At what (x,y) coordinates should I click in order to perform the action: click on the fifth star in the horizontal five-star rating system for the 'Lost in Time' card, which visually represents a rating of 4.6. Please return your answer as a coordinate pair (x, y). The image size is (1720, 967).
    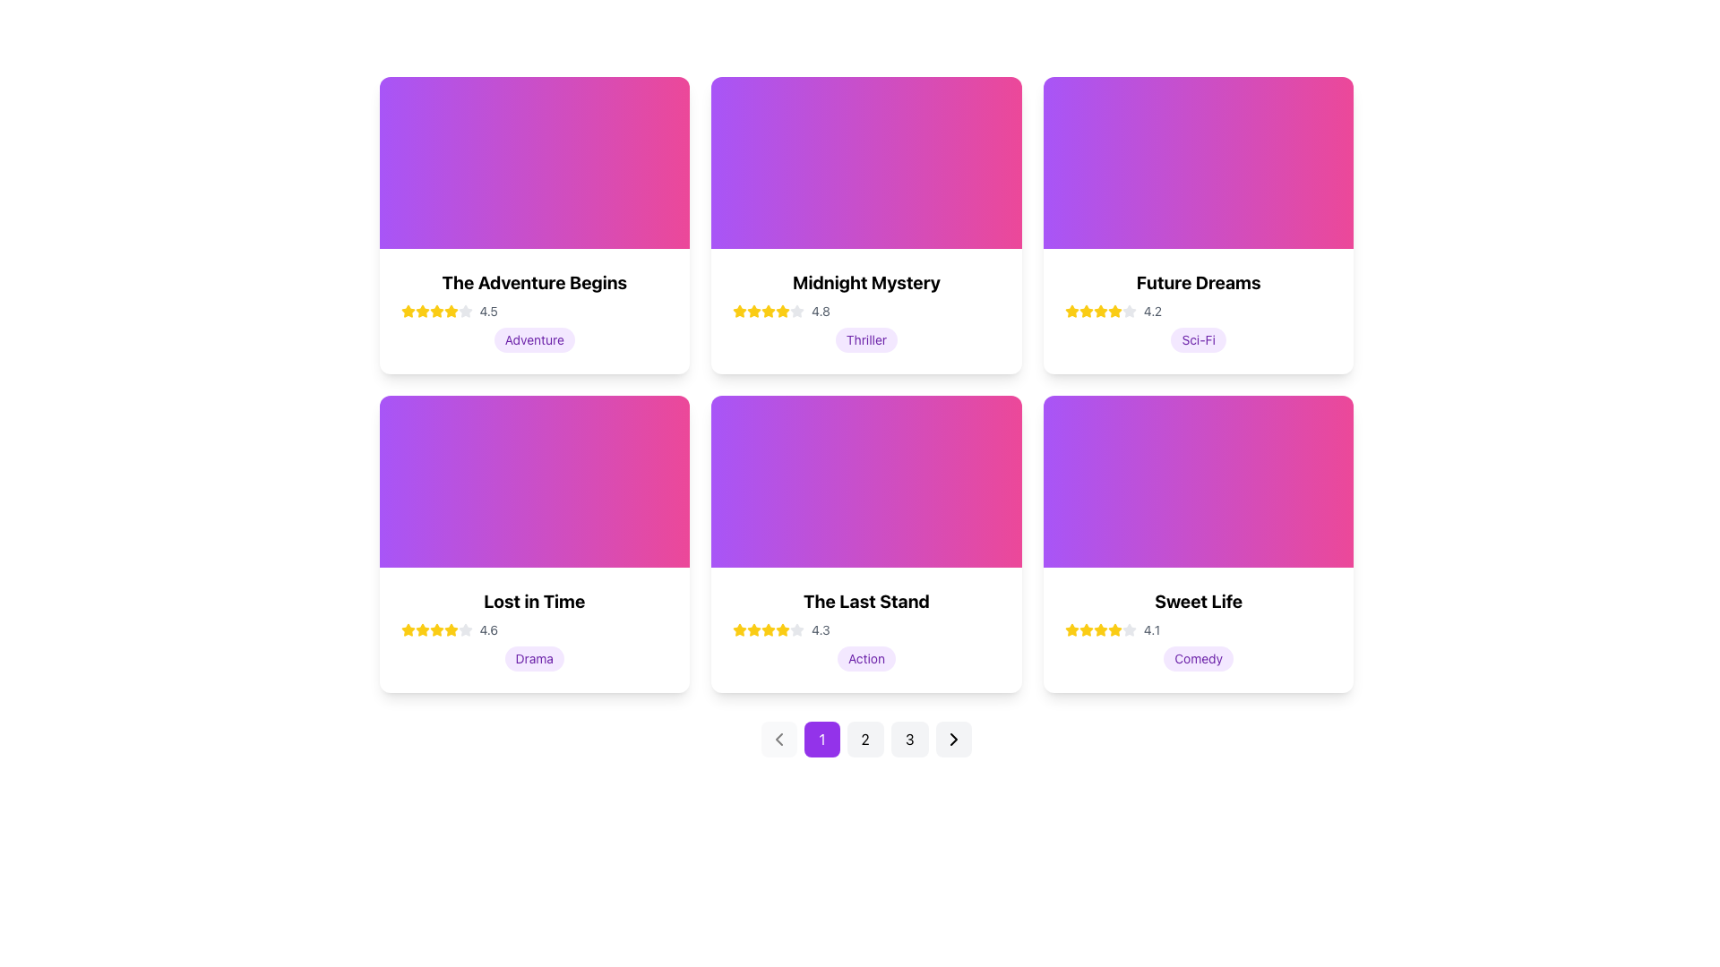
    Looking at the image, I should click on (465, 629).